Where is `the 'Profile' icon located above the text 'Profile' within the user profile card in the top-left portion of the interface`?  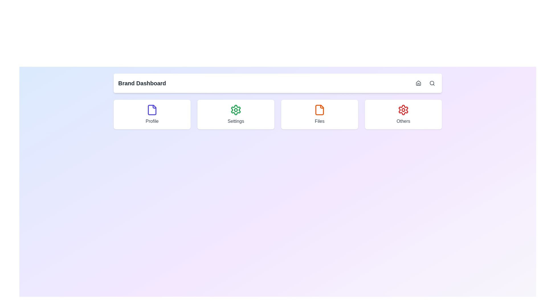 the 'Profile' icon located above the text 'Profile' within the user profile card in the top-left portion of the interface is located at coordinates (152, 110).